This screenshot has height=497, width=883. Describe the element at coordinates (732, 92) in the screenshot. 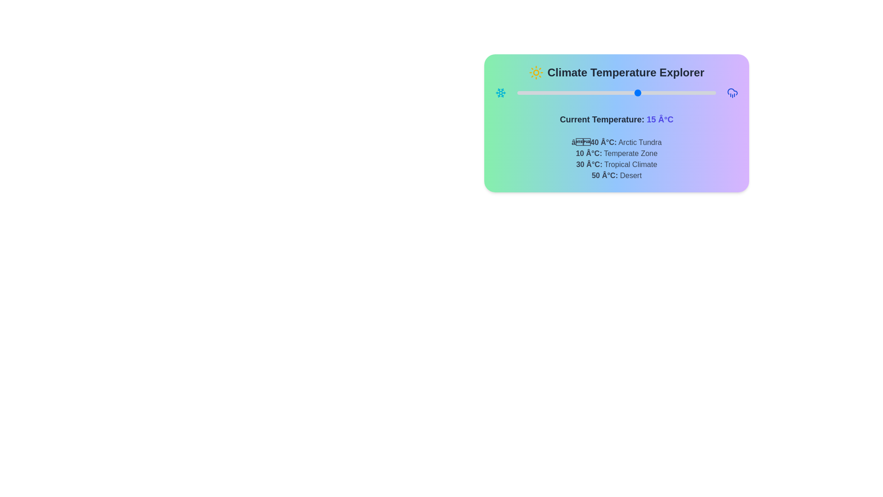

I see `the raindrop icon` at that location.